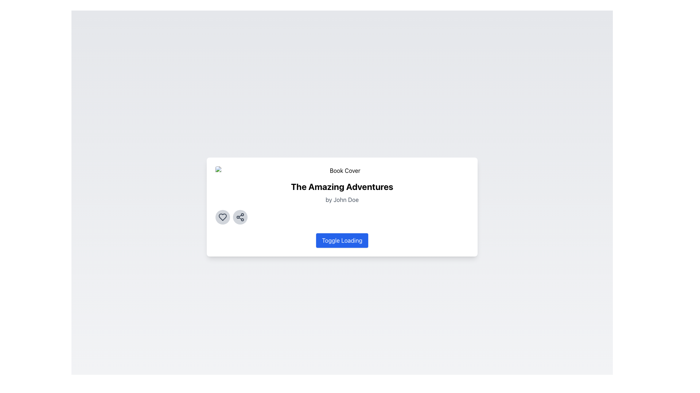 Image resolution: width=700 pixels, height=393 pixels. I want to click on the textual display showing the book title 'The Amazing Adventures' by 'John Doe', which is positioned below the 'Book Cover' image and above the heart and share buttons, so click(342, 195).